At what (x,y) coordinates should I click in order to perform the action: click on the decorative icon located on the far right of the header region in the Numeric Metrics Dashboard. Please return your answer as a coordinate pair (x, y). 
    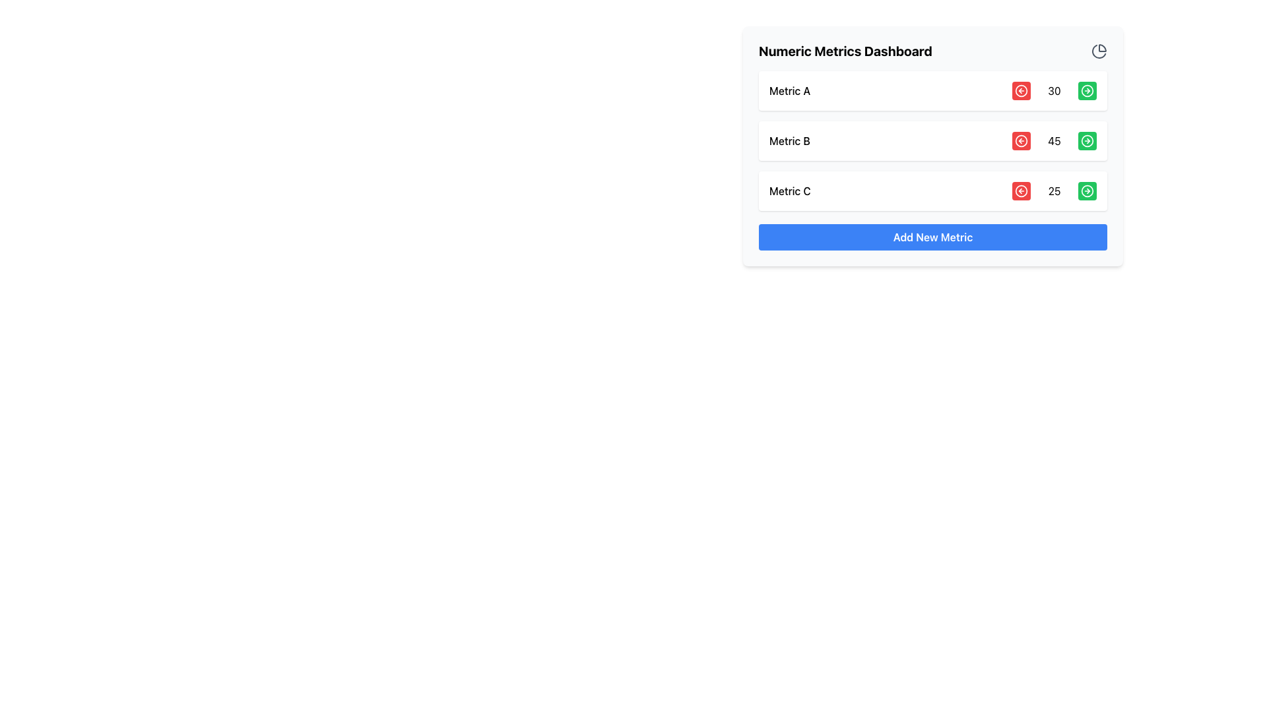
    Looking at the image, I should click on (1099, 50).